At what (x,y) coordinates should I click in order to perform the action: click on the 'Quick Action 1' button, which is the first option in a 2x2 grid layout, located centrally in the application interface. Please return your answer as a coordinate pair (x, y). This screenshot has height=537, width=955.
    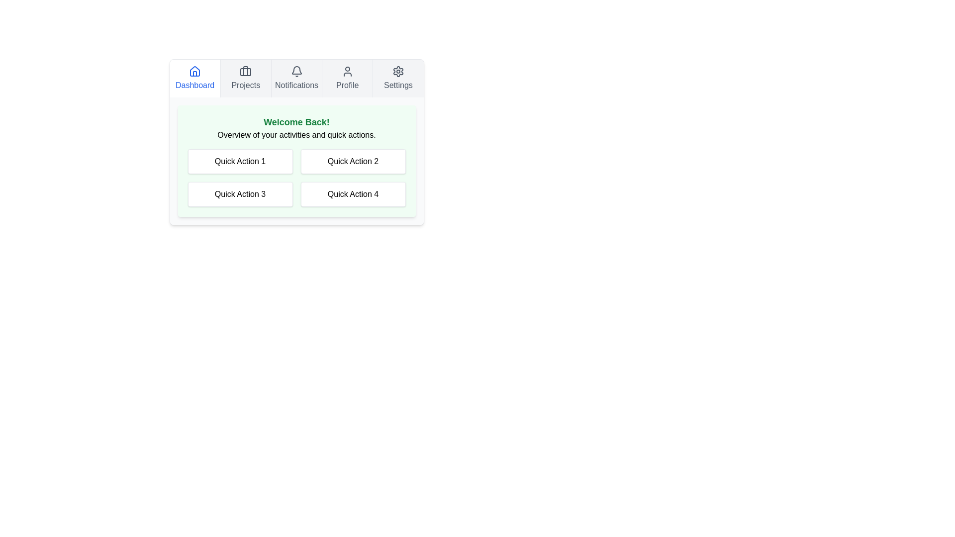
    Looking at the image, I should click on (240, 161).